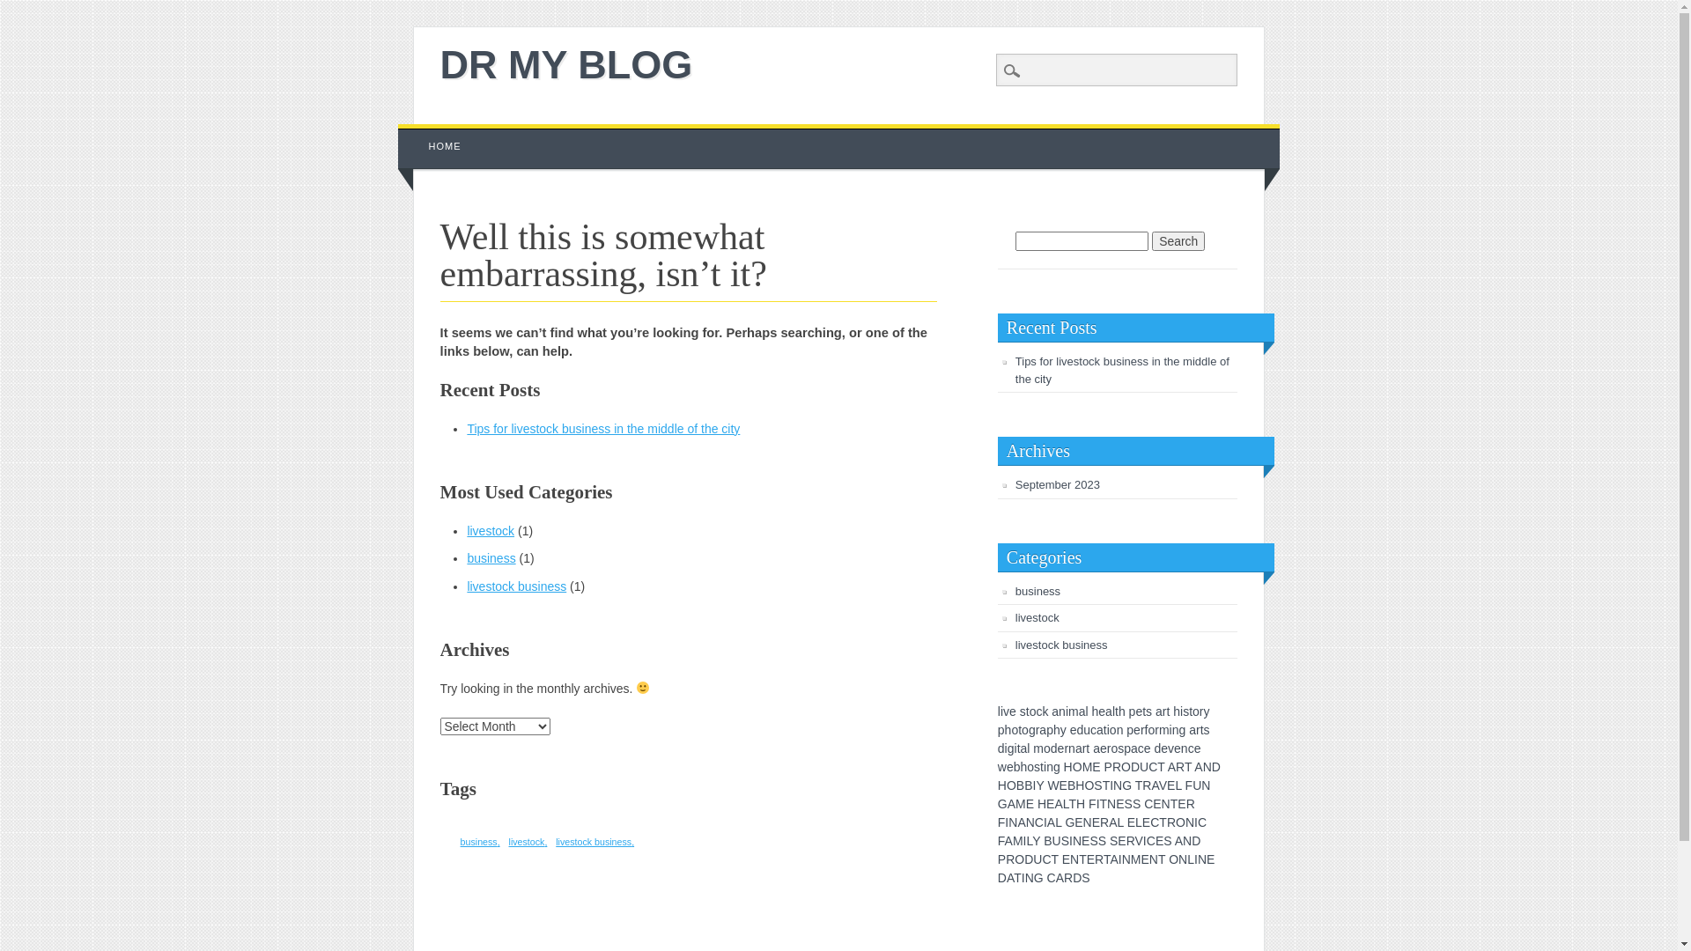 The image size is (1691, 951). I want to click on 'Skip to content', so click(439, 131).